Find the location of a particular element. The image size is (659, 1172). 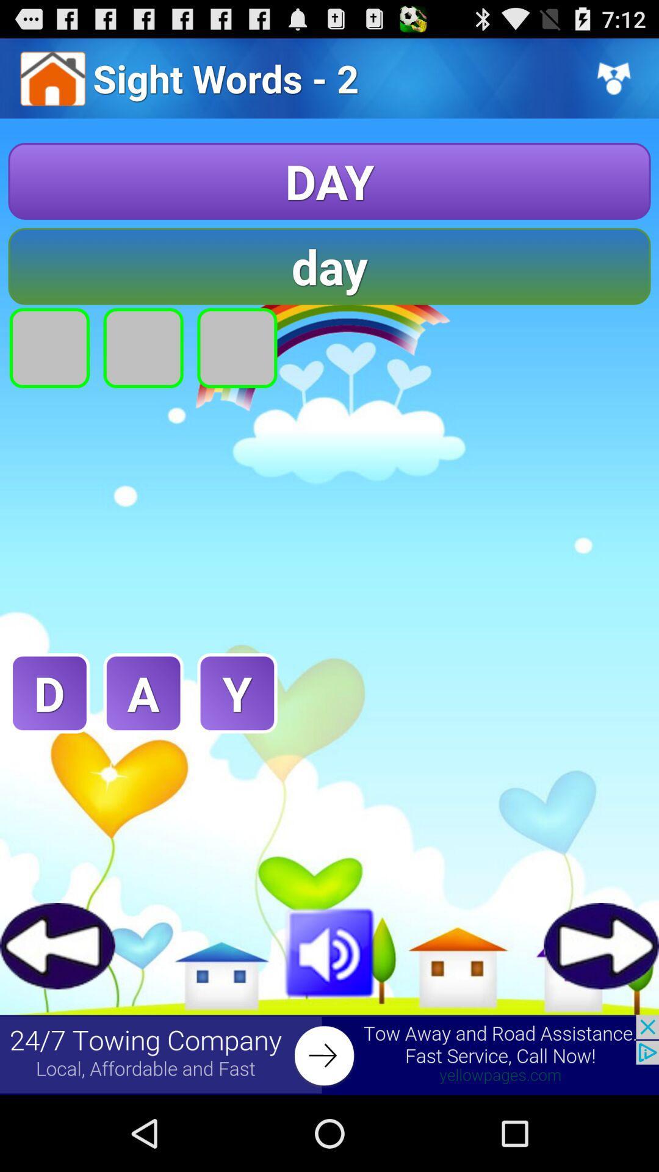

advance forward is located at coordinates (600, 945).